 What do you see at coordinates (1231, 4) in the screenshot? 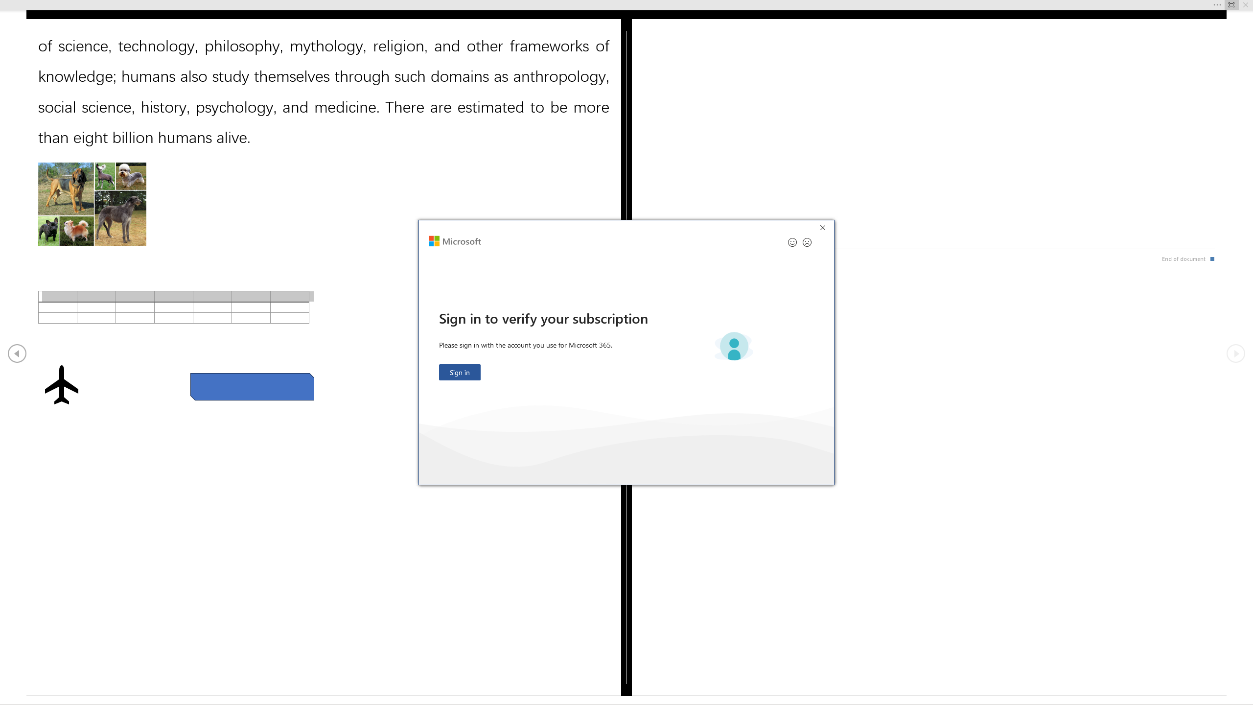
I see `'Always Show Reading Toolbar'` at bounding box center [1231, 4].